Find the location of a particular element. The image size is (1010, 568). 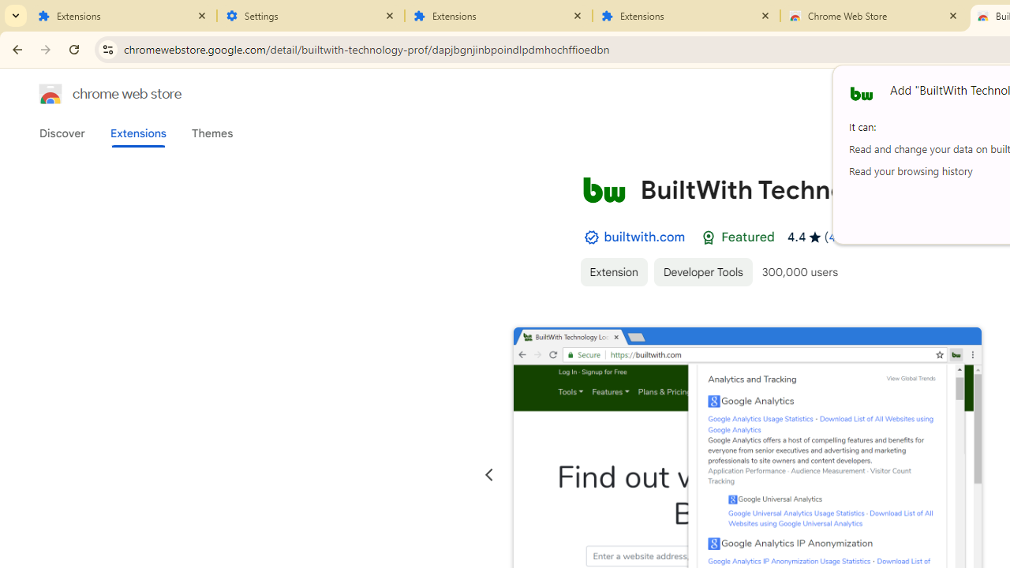

'Chrome Web Store logo chrome web store' is located at coordinates (93, 94).